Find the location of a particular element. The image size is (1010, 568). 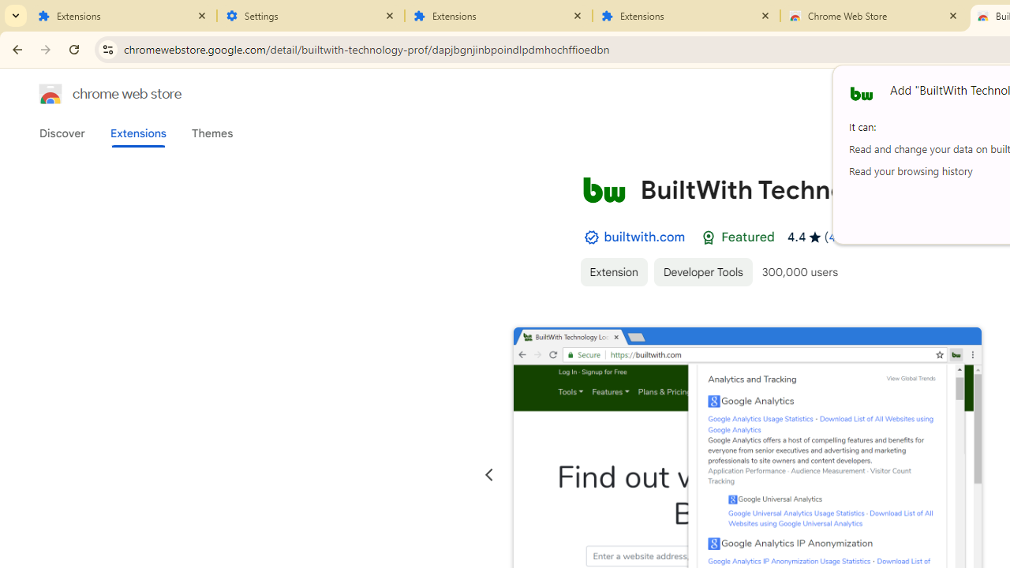

'Chrome Web Store logo chrome web store' is located at coordinates (93, 94).